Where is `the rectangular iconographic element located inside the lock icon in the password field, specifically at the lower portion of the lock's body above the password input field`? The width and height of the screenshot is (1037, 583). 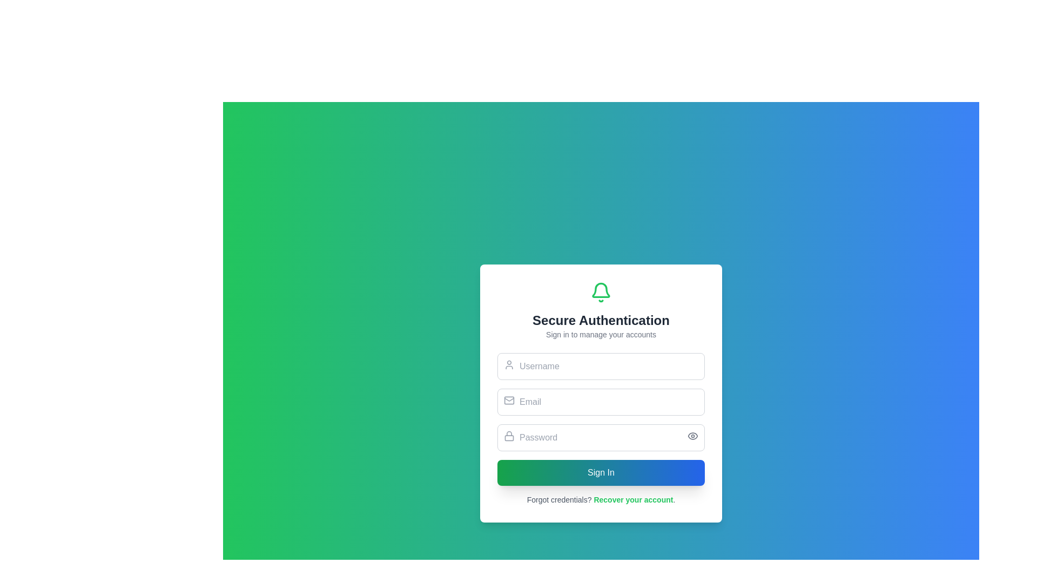 the rectangular iconographic element located inside the lock icon in the password field, specifically at the lower portion of the lock's body above the password input field is located at coordinates (508, 438).